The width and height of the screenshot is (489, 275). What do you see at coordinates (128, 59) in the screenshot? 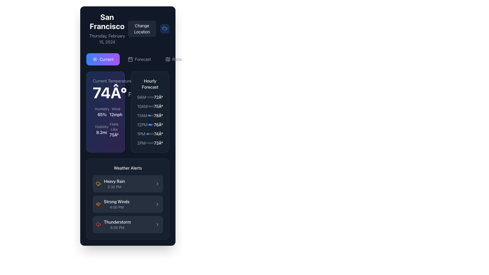
I see `the 'Forecast' tab in the navigation bar` at bounding box center [128, 59].